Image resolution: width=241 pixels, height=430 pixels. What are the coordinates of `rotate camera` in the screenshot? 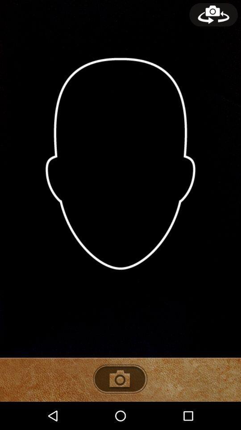 It's located at (213, 14).